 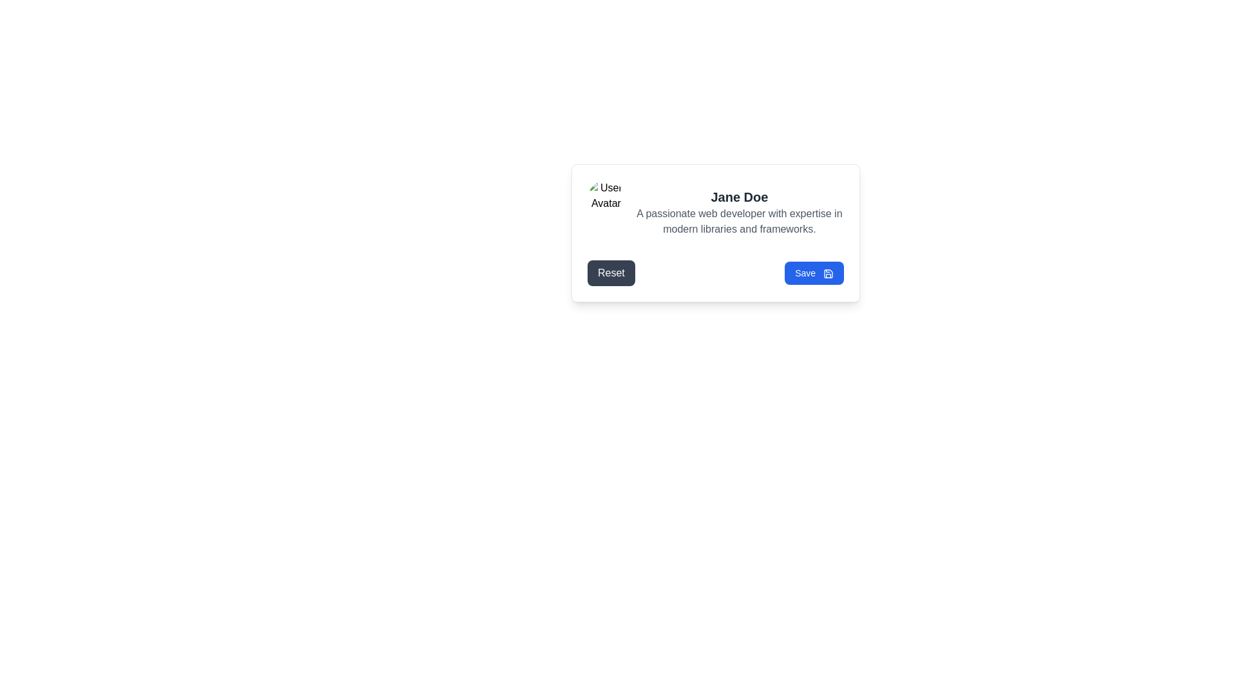 I want to click on the top left segment of the disk-like save icon within the 'Save' button located in the lower right of the profile card component, so click(x=829, y=273).